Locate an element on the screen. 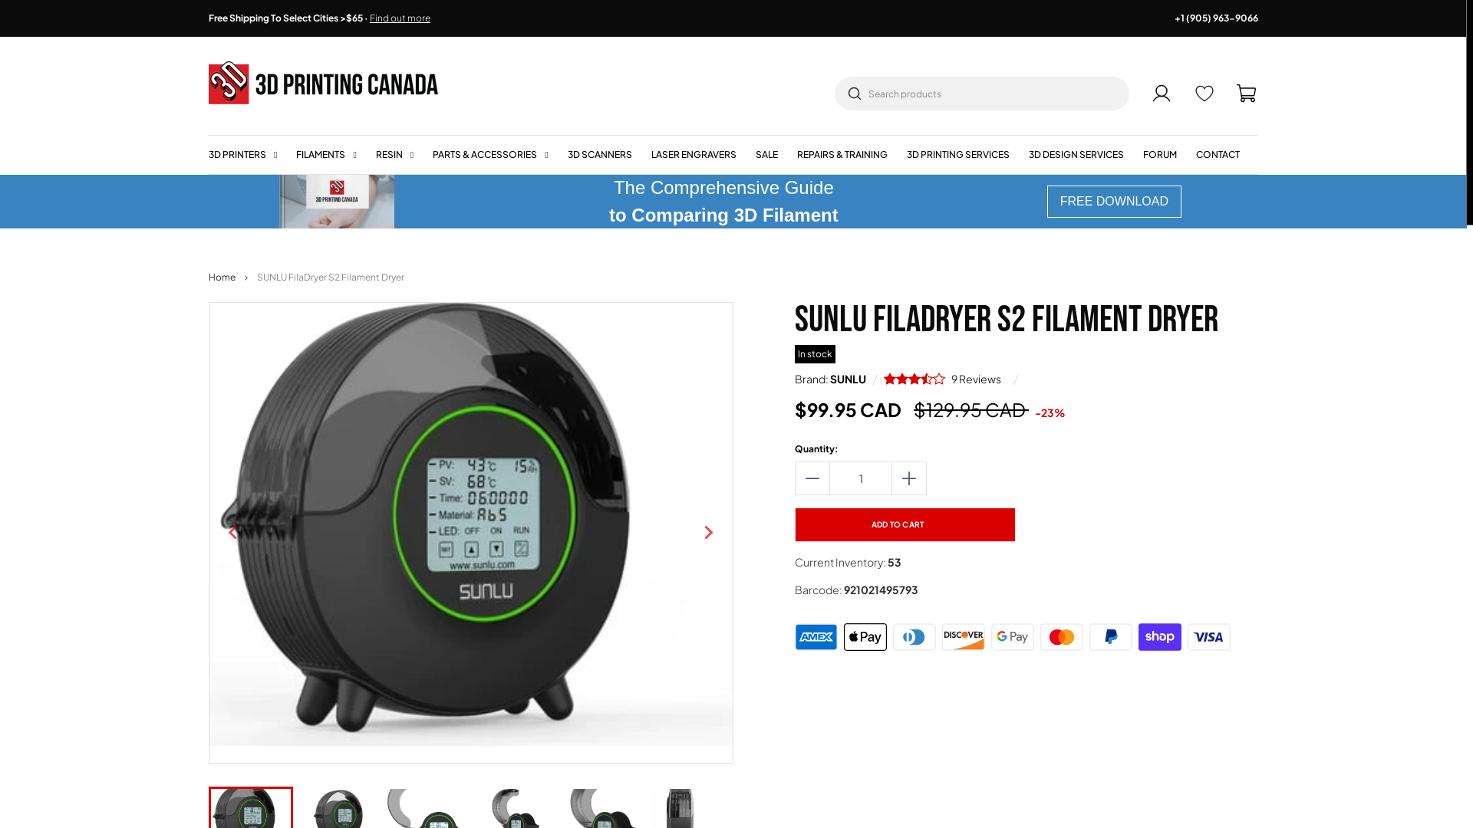  '9 Reviews' is located at coordinates (944, 378).